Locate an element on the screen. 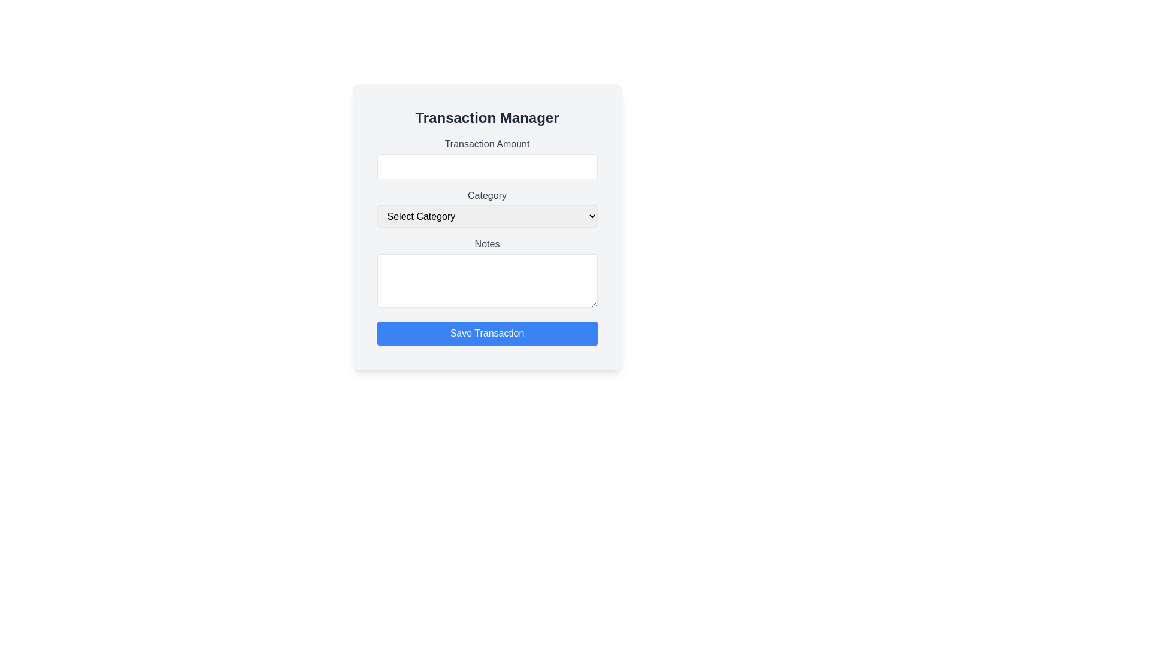 This screenshot has height=647, width=1150. the heading element styled in bold, large font with the text 'Transaction Manager', which is located at the top of a section with a light gray background is located at coordinates (487, 117).